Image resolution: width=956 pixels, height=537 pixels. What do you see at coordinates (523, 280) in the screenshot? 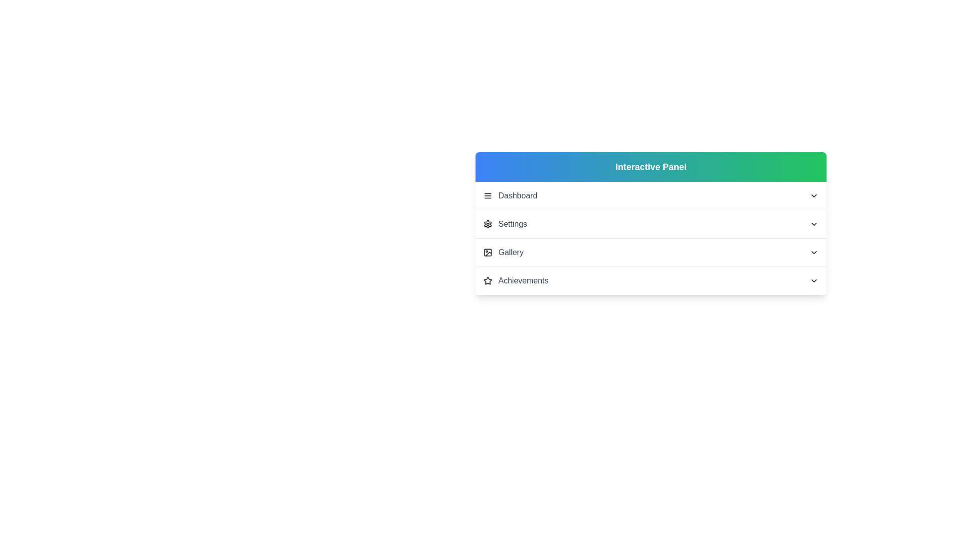
I see `the 'Achievements' text label, which is styled in gray and positioned at the bottom of a vertical list within a menu panel, aligned to the right of a star-shaped icon` at bounding box center [523, 280].